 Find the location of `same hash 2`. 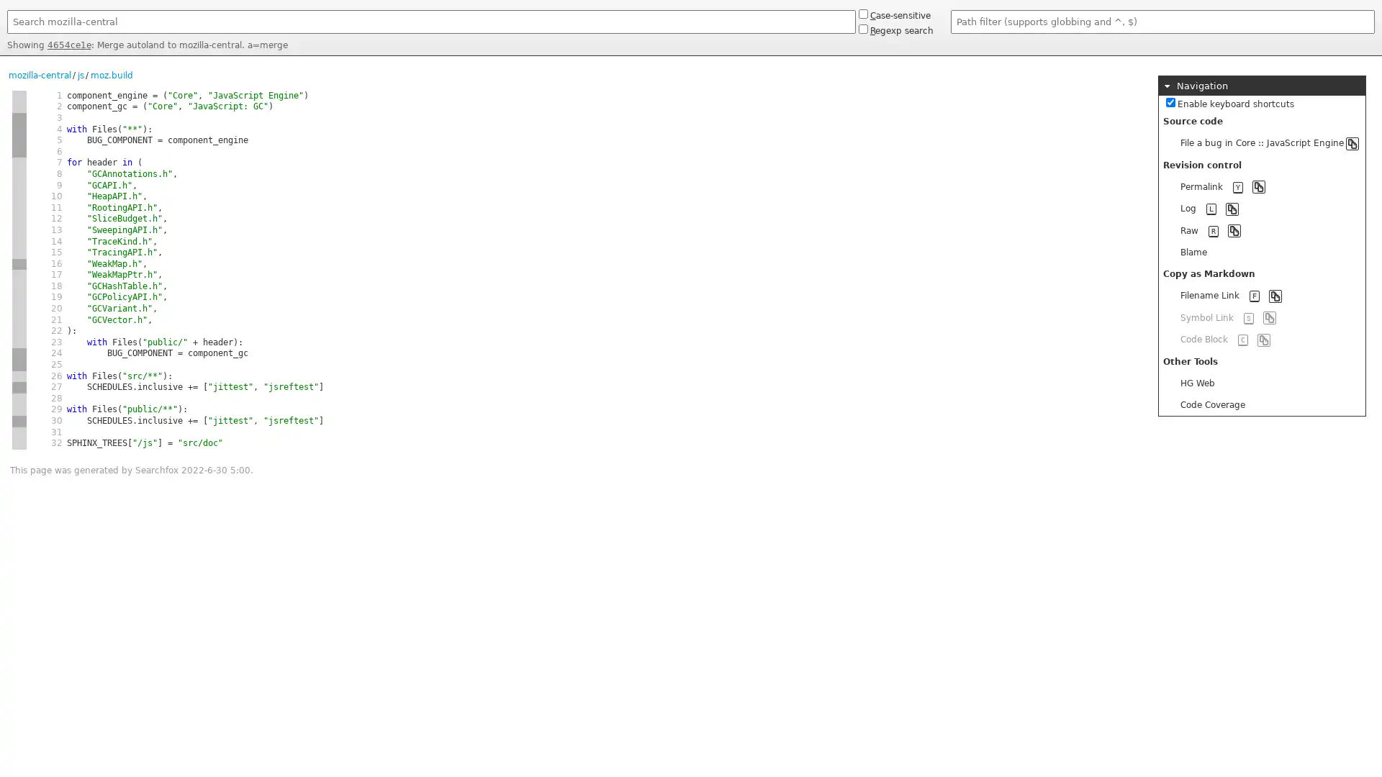

same hash 2 is located at coordinates (19, 152).